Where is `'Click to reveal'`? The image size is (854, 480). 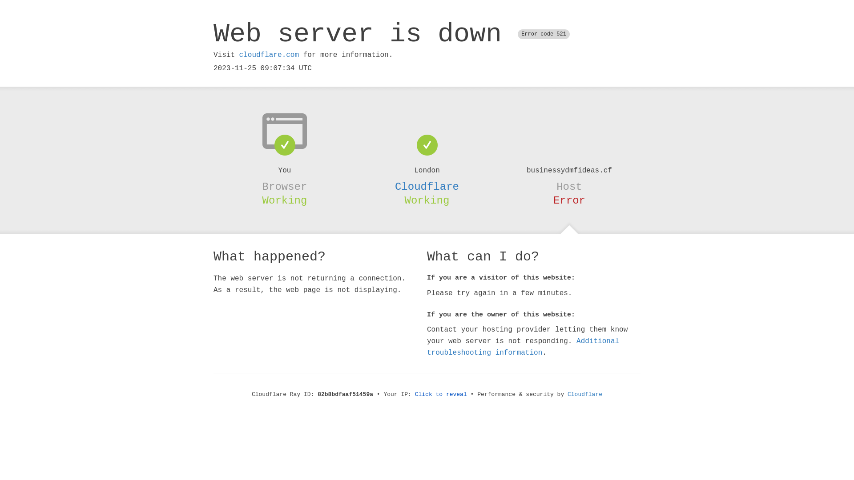 'Click to reveal' is located at coordinates (414, 394).